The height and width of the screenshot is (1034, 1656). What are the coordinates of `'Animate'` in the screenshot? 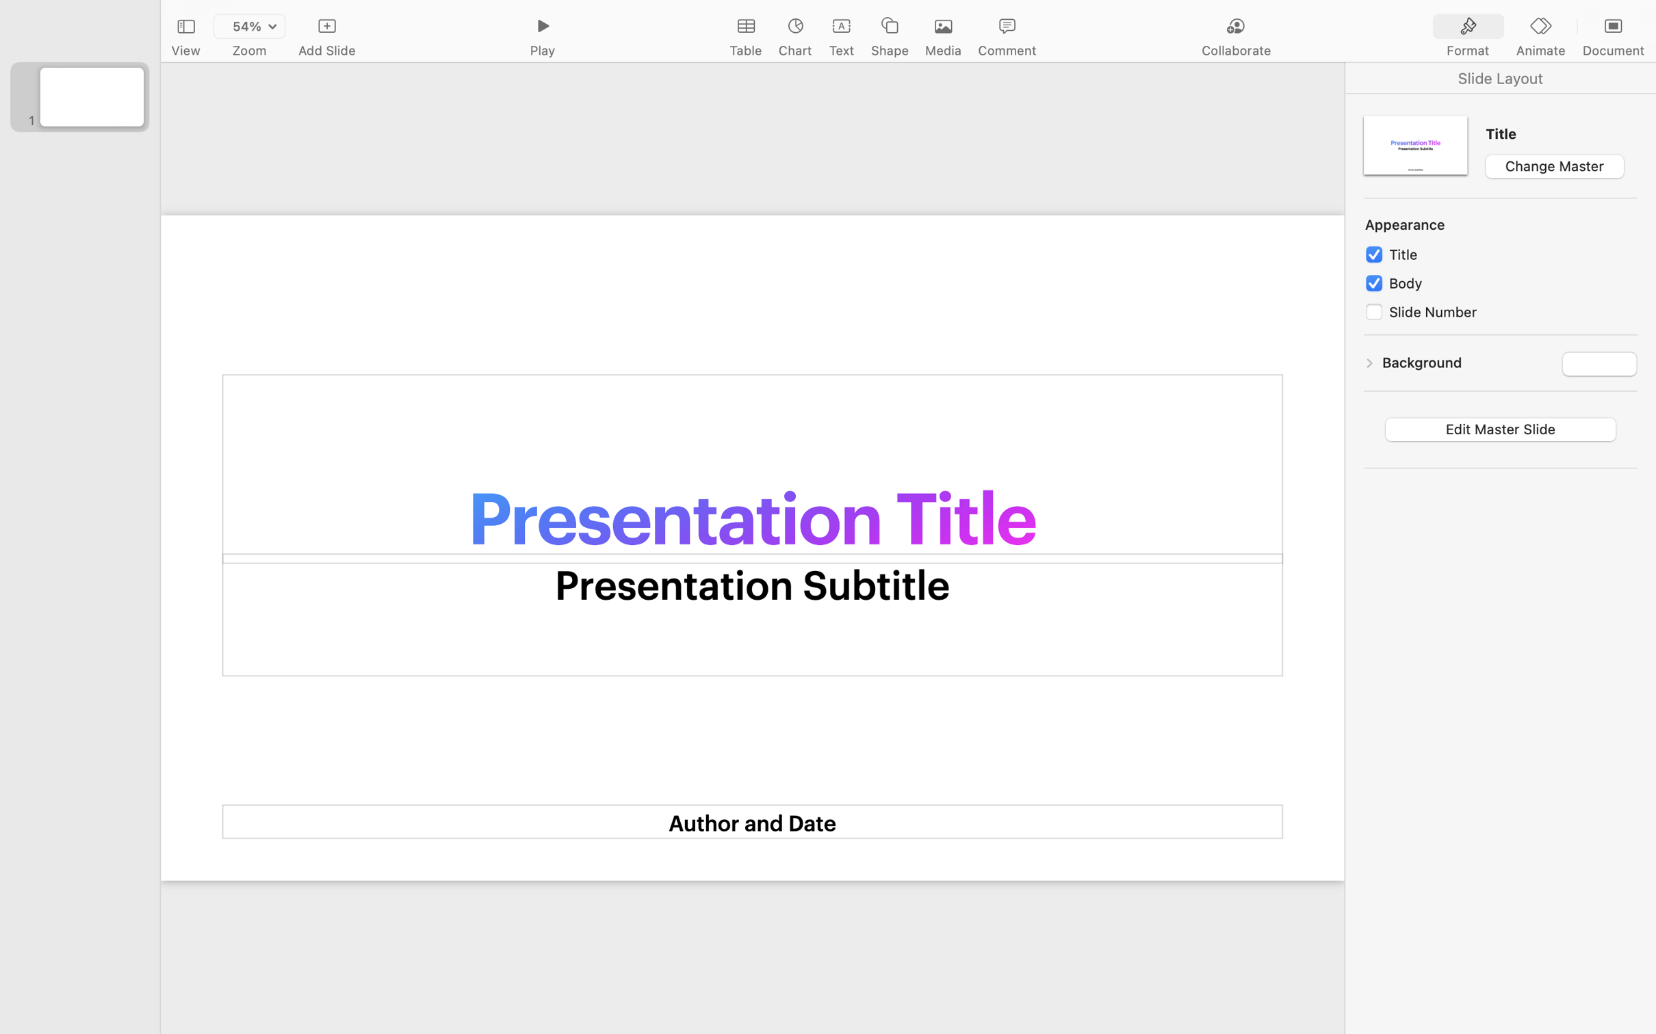 It's located at (1539, 51).